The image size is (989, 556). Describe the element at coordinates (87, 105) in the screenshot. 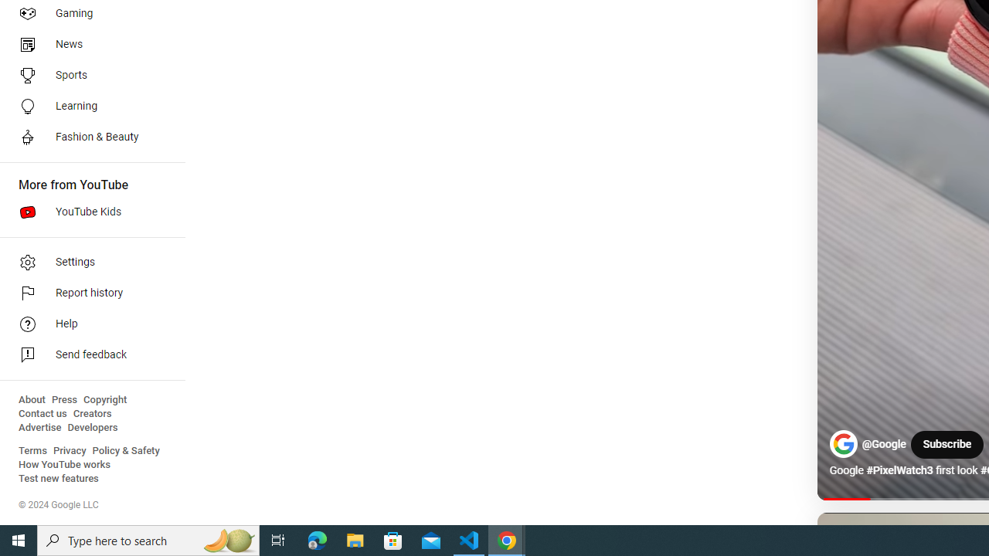

I see `'Learning'` at that location.